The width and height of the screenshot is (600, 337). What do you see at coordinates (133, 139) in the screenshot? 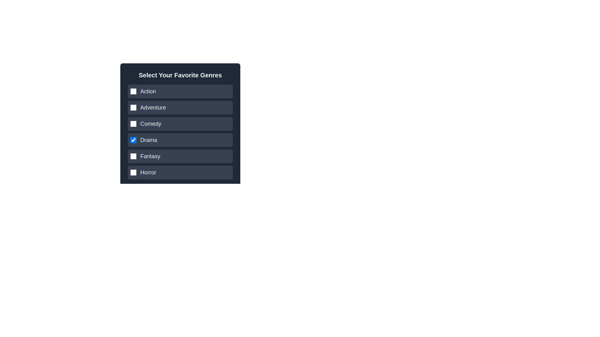
I see `the selected checkbox with a blue checkmark inside, located to the left of the 'Drama' label in the fourth item of the genre-selectable list` at bounding box center [133, 139].